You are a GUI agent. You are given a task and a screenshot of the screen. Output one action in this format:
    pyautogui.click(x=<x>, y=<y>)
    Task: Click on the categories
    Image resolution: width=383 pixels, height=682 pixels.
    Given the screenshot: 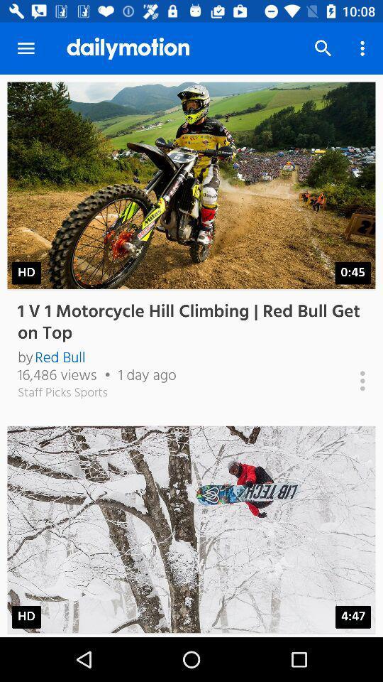 What is the action you would take?
    pyautogui.click(x=348, y=380)
    